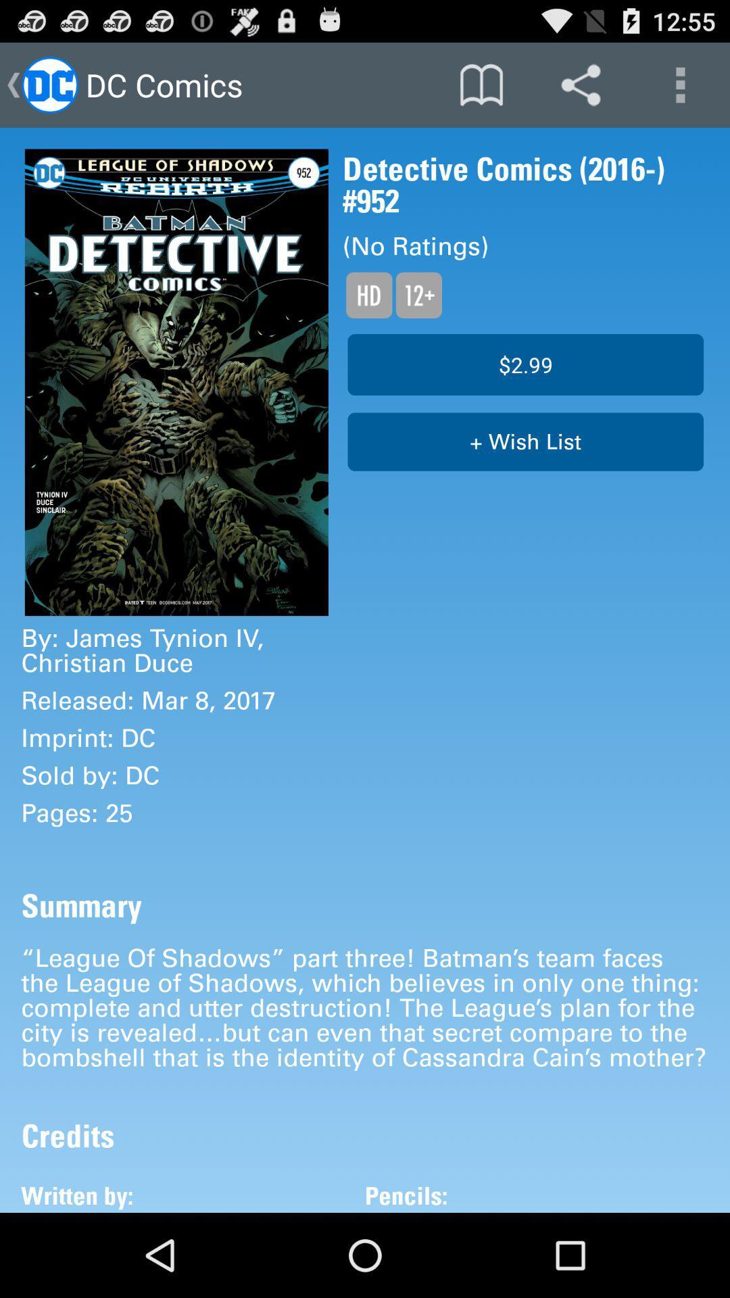  Describe the element at coordinates (176, 381) in the screenshot. I see `the icon next to the detective comics 2016 icon` at that location.